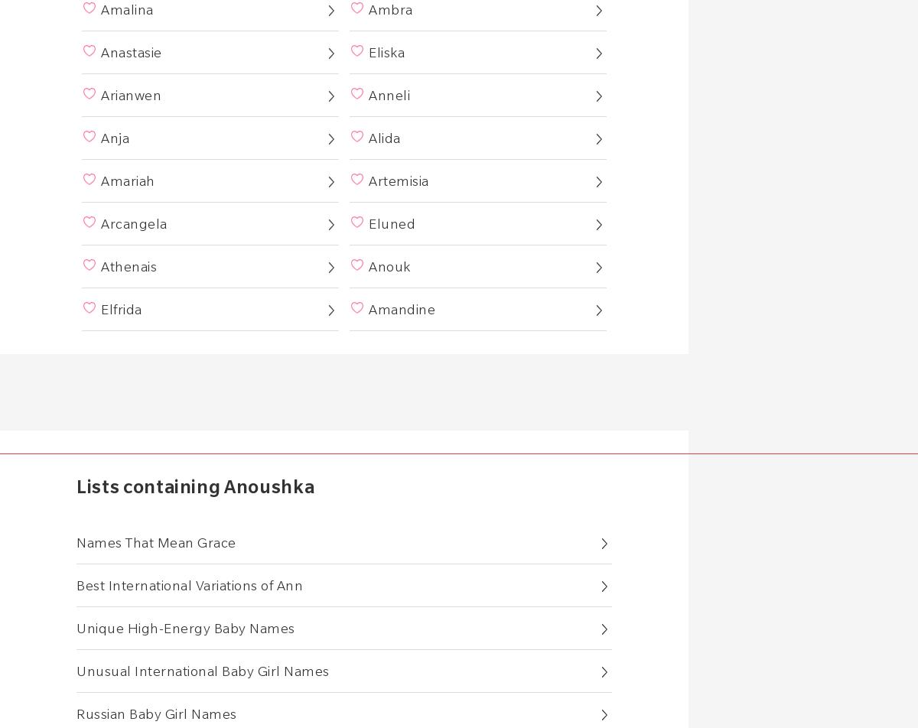 The width and height of the screenshot is (918, 728). I want to click on 'Unique High-Energy Baby Names', so click(76, 627).